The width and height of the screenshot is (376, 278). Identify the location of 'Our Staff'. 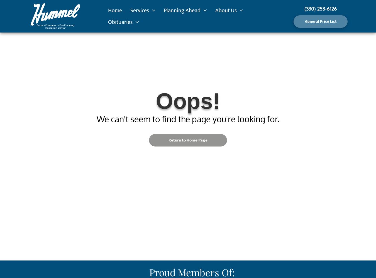
(228, 36).